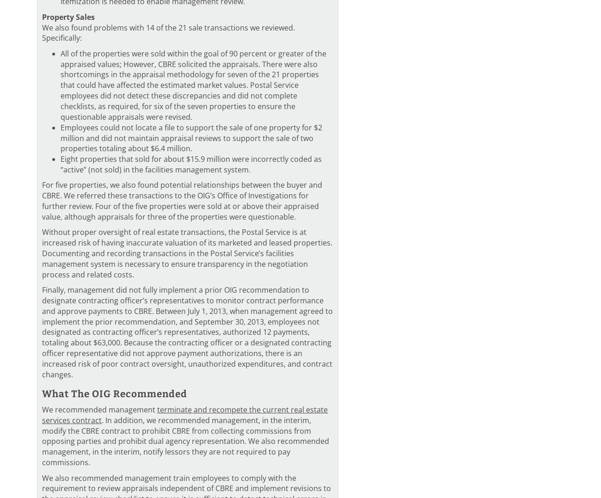  What do you see at coordinates (185, 414) in the screenshot?
I see `'terminate and recompete the current real estate services contract'` at bounding box center [185, 414].